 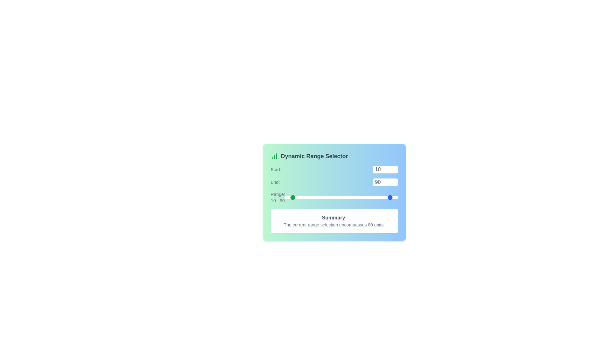 What do you see at coordinates (289, 197) in the screenshot?
I see `the 'Start' range slider to 7` at bounding box center [289, 197].